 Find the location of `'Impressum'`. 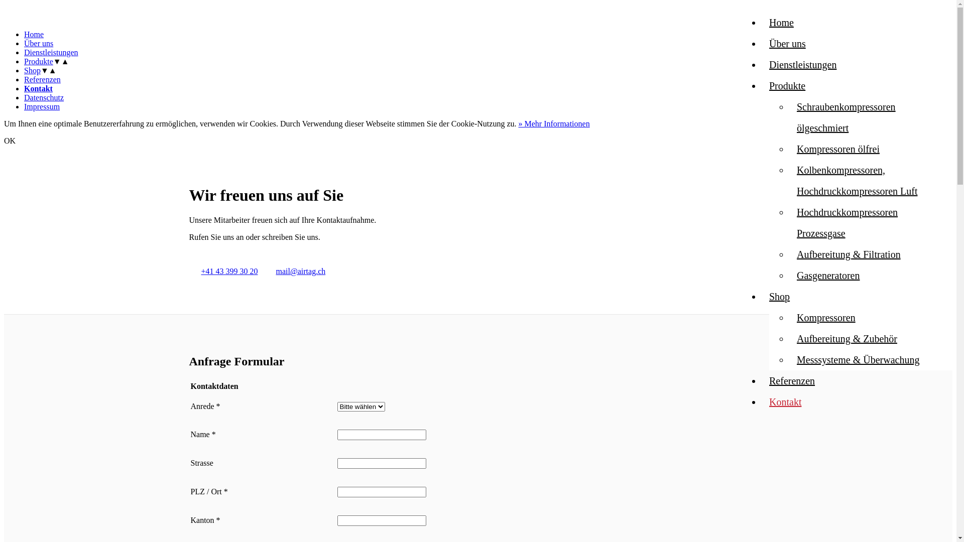

'Impressum' is located at coordinates (41, 106).